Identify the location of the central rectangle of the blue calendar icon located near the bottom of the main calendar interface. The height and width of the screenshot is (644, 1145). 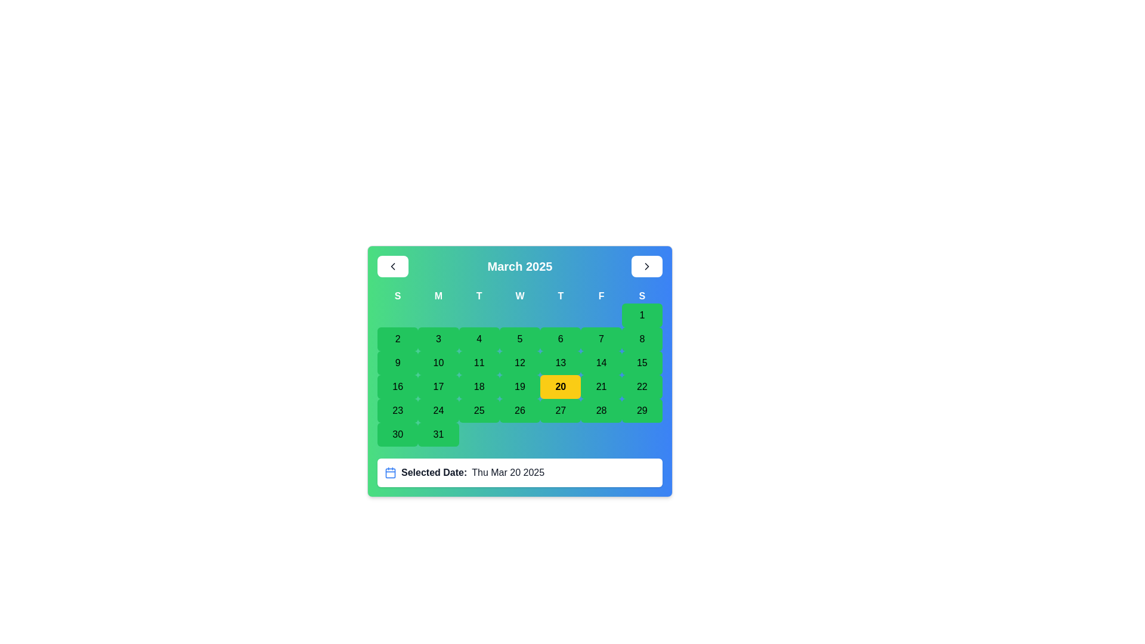
(390, 472).